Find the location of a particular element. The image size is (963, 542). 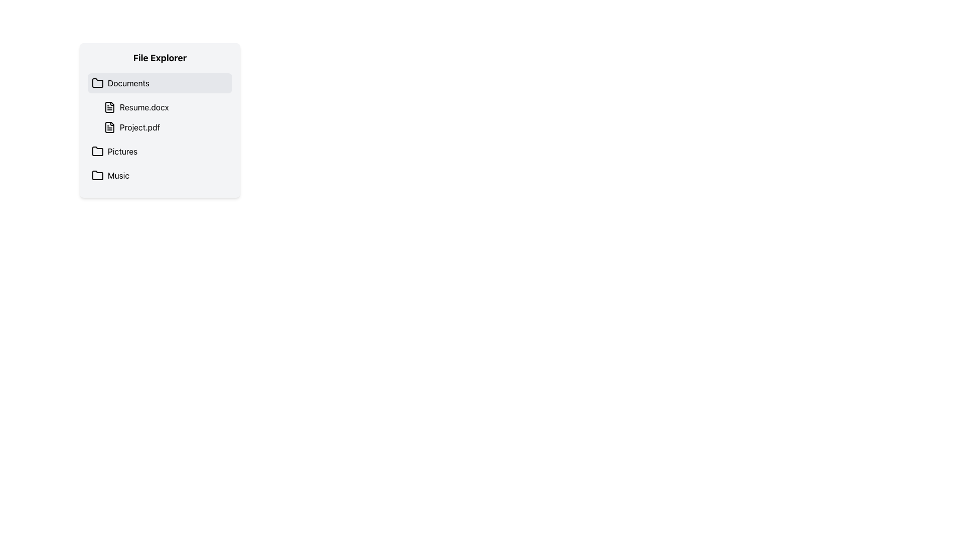

the folder icon located to the left of the 'Documents' label in the file explorer interface, which resembles a small graphical component with rounded edges and an outline is located at coordinates (98, 82).